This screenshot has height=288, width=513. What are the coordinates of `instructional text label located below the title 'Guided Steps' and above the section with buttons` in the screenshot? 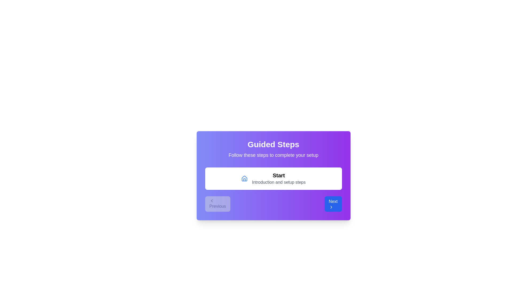 It's located at (273, 155).